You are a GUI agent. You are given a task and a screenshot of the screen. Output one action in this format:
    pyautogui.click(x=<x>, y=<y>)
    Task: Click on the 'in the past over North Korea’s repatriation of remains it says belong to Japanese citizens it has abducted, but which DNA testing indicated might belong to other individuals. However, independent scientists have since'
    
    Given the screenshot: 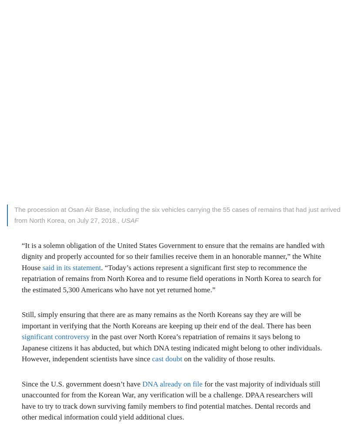 What is the action you would take?
    pyautogui.click(x=171, y=347)
    